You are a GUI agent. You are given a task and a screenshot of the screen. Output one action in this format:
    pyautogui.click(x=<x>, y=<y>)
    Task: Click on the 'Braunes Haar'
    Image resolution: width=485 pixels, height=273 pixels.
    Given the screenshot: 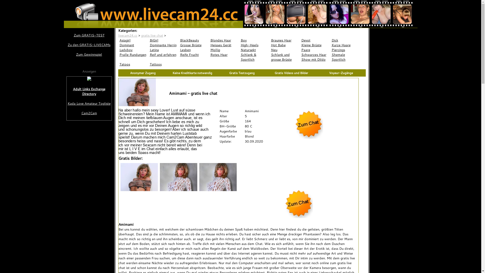 What is the action you would take?
    pyautogui.click(x=285, y=40)
    